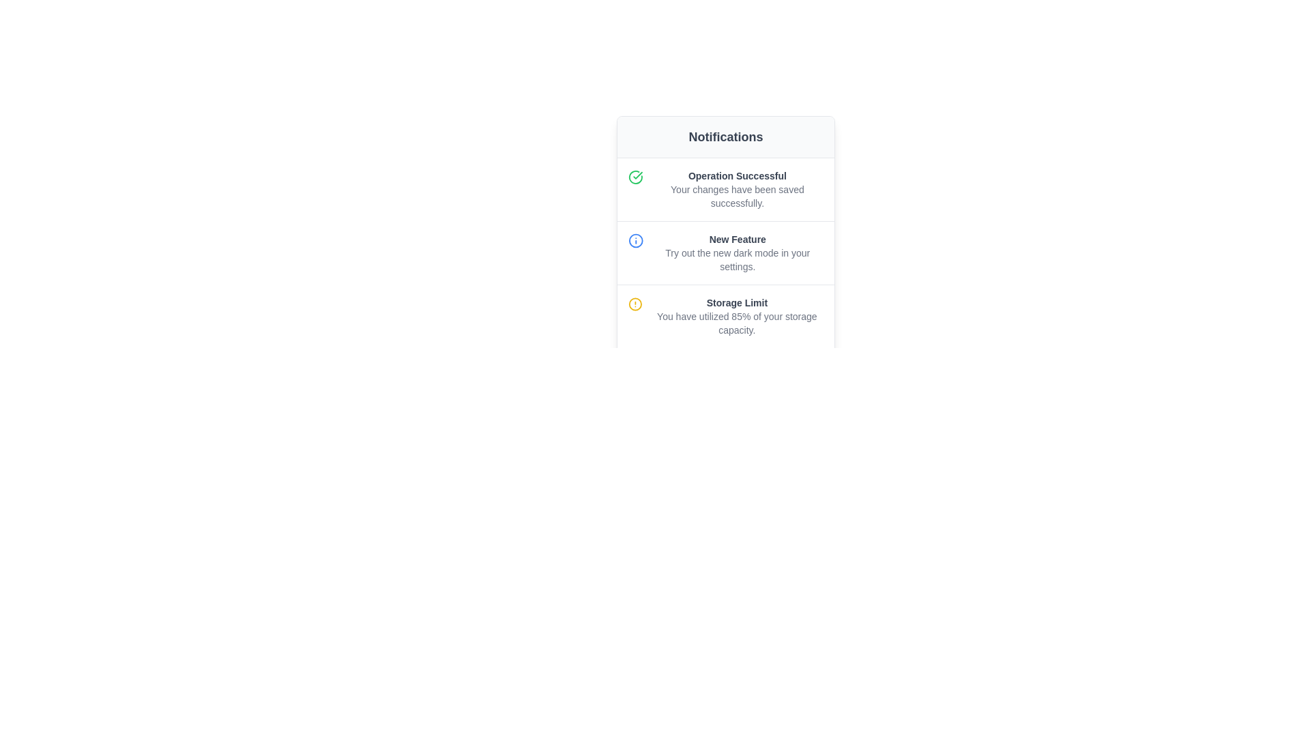 Image resolution: width=1310 pixels, height=737 pixels. I want to click on success message from the notification banner indicating 'Operation Successful' with the description 'Your changes have been saved successfully.', so click(725, 189).